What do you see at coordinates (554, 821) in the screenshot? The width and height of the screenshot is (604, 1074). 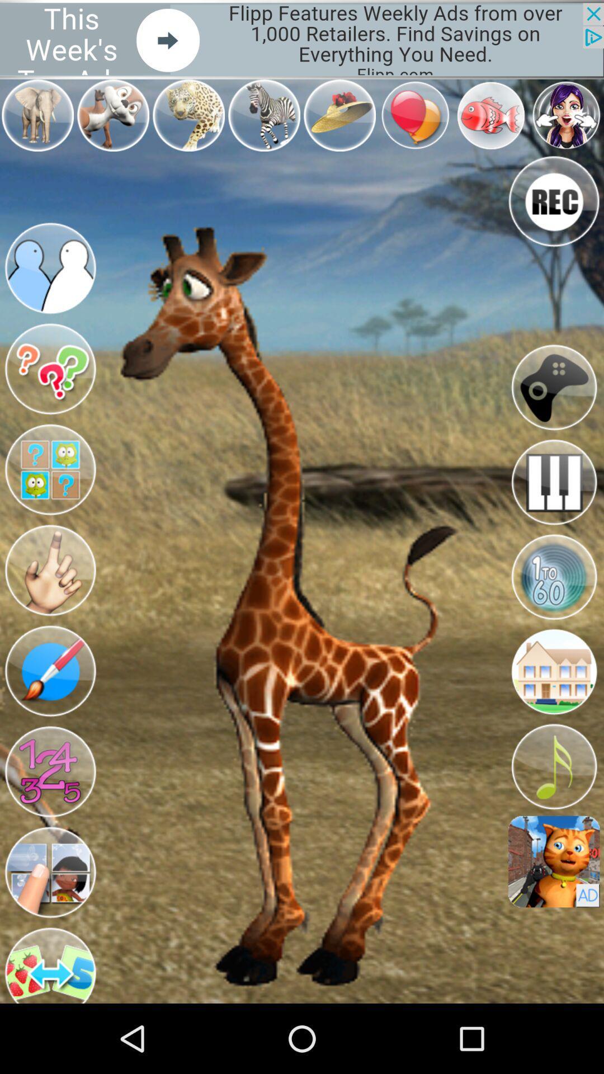 I see `the music icon` at bounding box center [554, 821].